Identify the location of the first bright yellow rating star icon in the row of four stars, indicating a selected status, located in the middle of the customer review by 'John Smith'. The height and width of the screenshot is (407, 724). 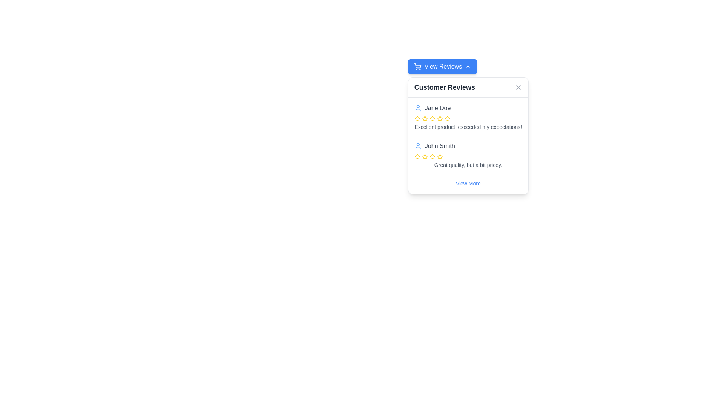
(417, 156).